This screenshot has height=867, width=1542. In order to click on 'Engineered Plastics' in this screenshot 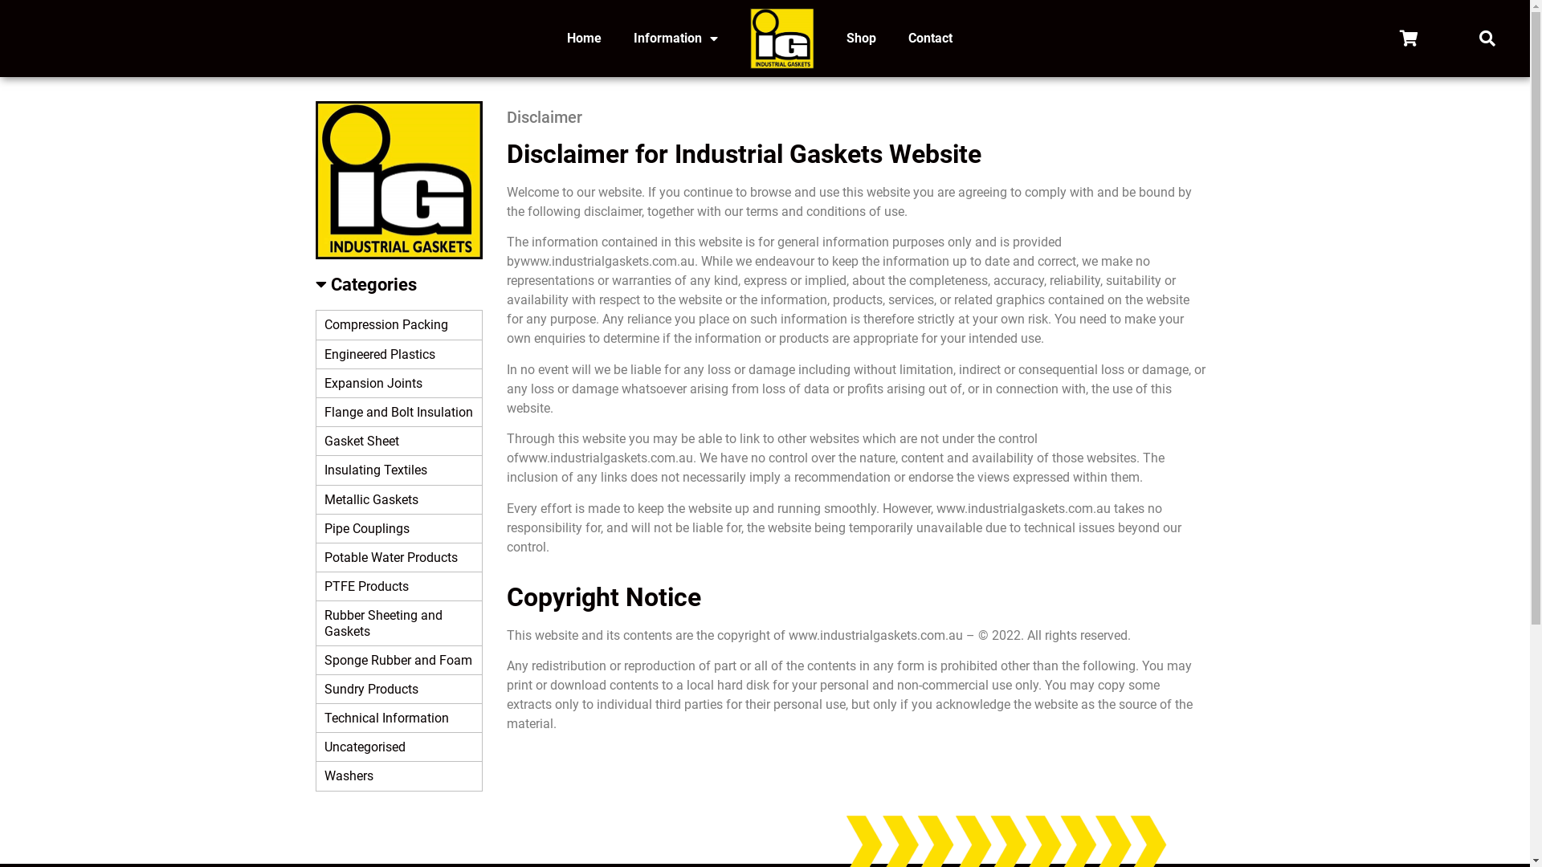, I will do `click(399, 354)`.